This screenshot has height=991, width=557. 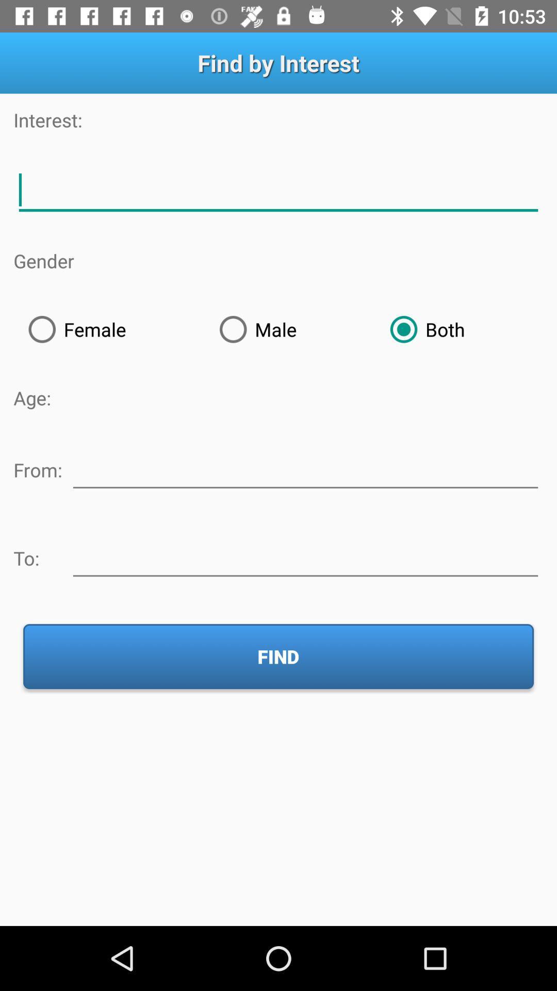 What do you see at coordinates (305, 468) in the screenshot?
I see `the minimum age for people you are searching here` at bounding box center [305, 468].